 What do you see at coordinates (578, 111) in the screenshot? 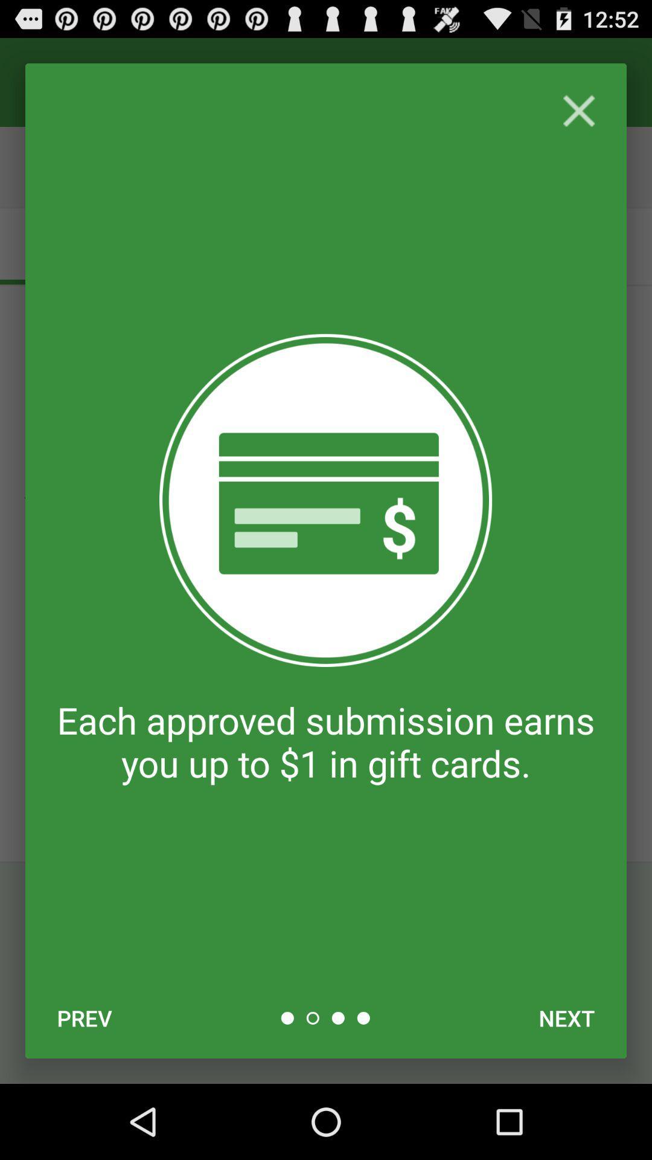
I see `page` at bounding box center [578, 111].